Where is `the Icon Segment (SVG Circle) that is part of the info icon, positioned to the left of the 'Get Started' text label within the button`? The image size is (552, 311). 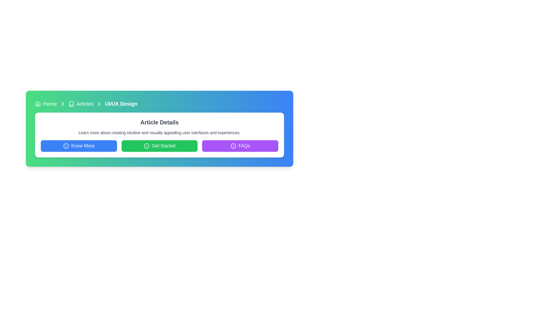
the Icon Segment (SVG Circle) that is part of the info icon, positioned to the left of the 'Get Started' text label within the button is located at coordinates (233, 145).